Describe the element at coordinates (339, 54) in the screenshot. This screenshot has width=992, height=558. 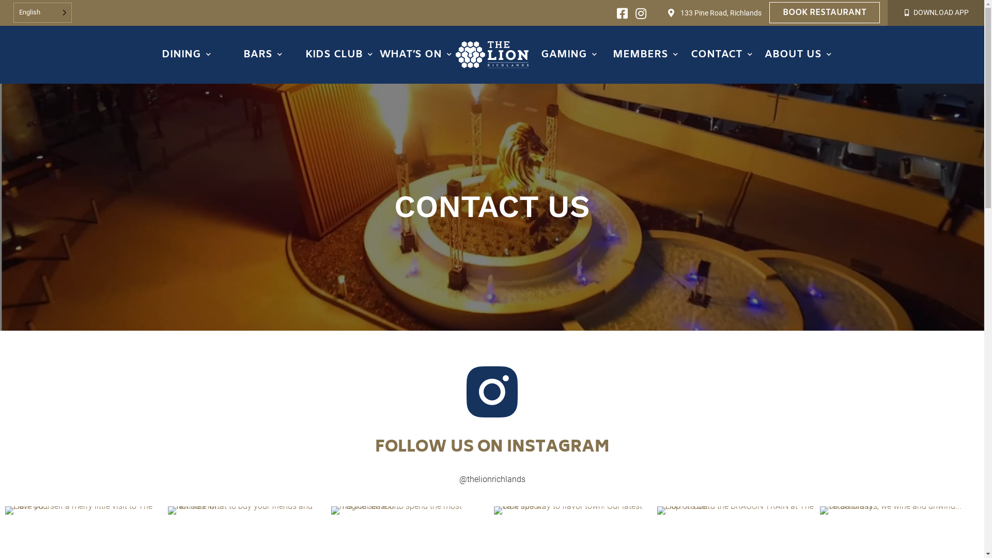
I see `'KIDS CLUB'` at that location.